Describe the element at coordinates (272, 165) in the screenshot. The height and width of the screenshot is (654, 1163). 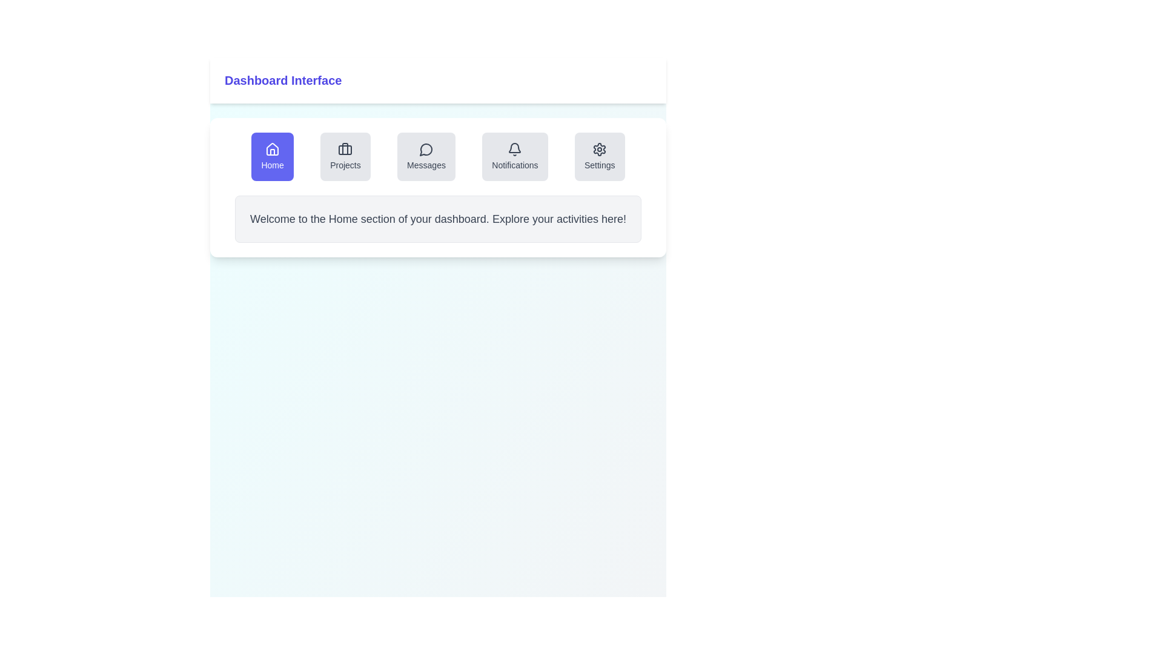
I see `the 'Home' navigation button text label, which indicates it leads to the homepage or dashboard section of the interface` at that location.